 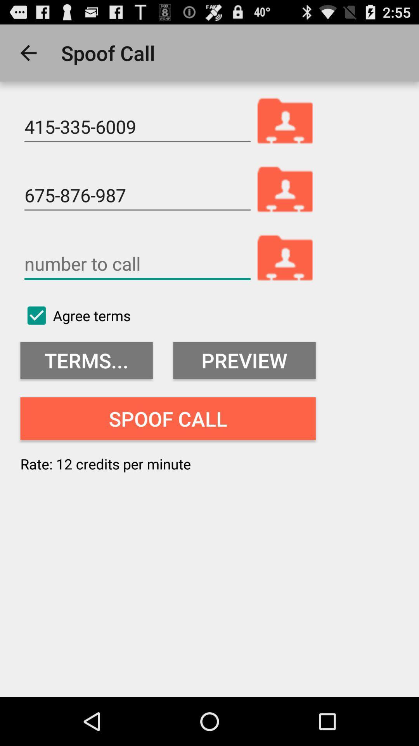 I want to click on the folder icon, so click(x=285, y=204).